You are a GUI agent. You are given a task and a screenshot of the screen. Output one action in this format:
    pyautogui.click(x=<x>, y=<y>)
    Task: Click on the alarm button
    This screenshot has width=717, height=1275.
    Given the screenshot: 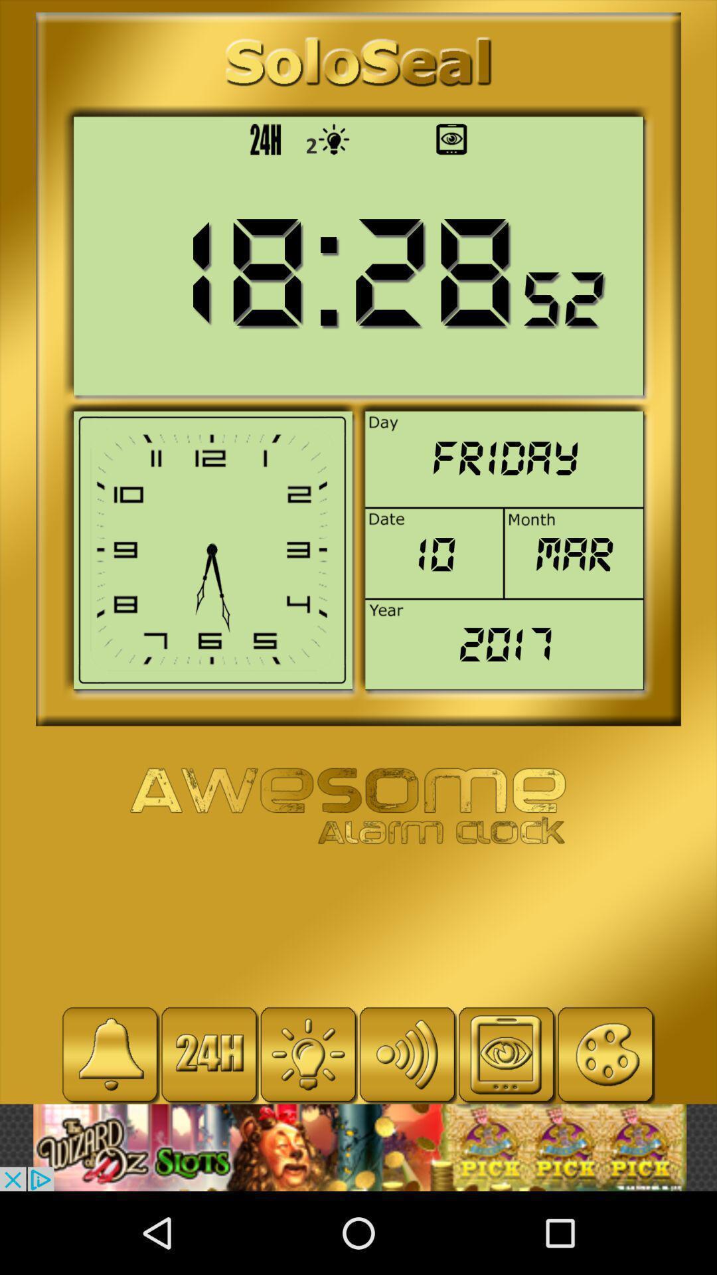 What is the action you would take?
    pyautogui.click(x=110, y=1054)
    